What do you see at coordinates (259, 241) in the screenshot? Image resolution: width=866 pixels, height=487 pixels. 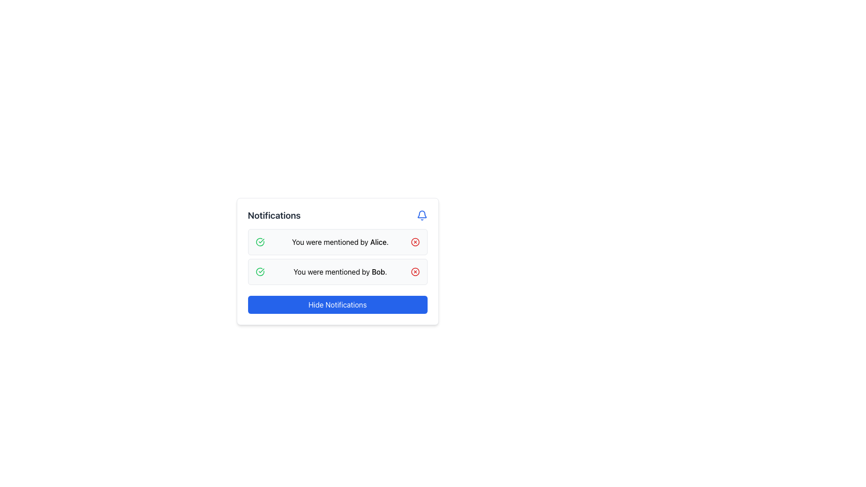 I see `the green circular icon with a checkmark inside it, located in the second notification item of a list adjacent to the text 'You were mentioned by Bob.'` at bounding box center [259, 241].